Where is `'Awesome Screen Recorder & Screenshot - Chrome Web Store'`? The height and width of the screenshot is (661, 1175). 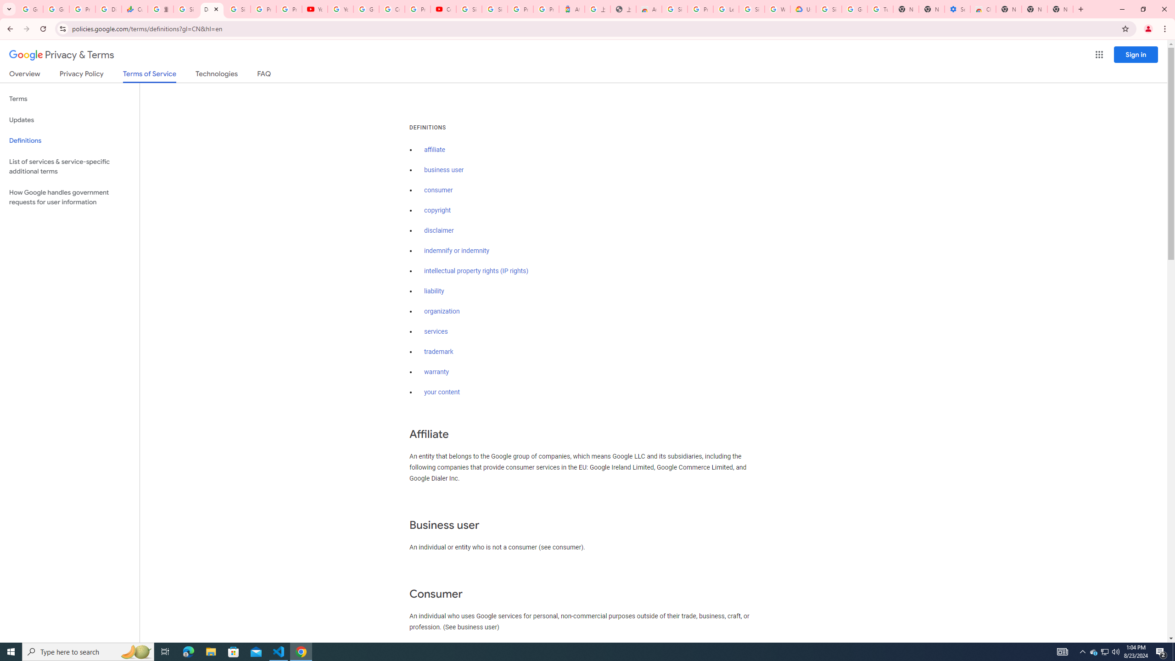 'Awesome Screen Recorder & Screenshot - Chrome Web Store' is located at coordinates (649, 9).